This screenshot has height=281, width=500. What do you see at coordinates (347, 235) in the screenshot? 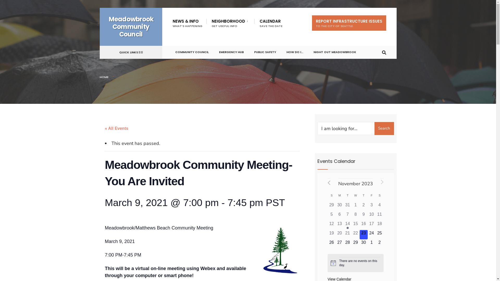
I see `'0 events,` at bounding box center [347, 235].